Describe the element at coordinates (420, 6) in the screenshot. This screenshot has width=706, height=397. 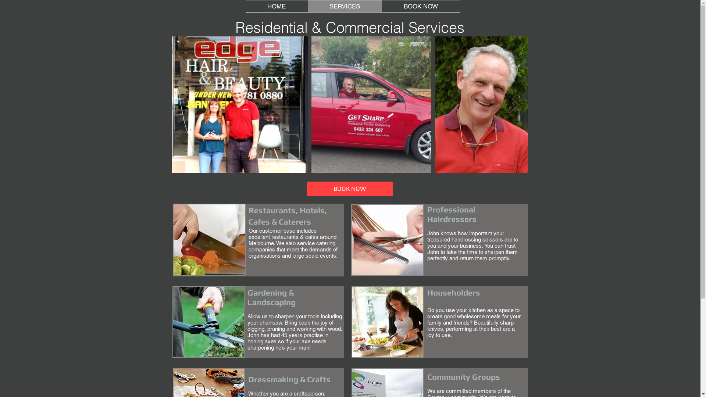
I see `'BOOK NOW'` at that location.